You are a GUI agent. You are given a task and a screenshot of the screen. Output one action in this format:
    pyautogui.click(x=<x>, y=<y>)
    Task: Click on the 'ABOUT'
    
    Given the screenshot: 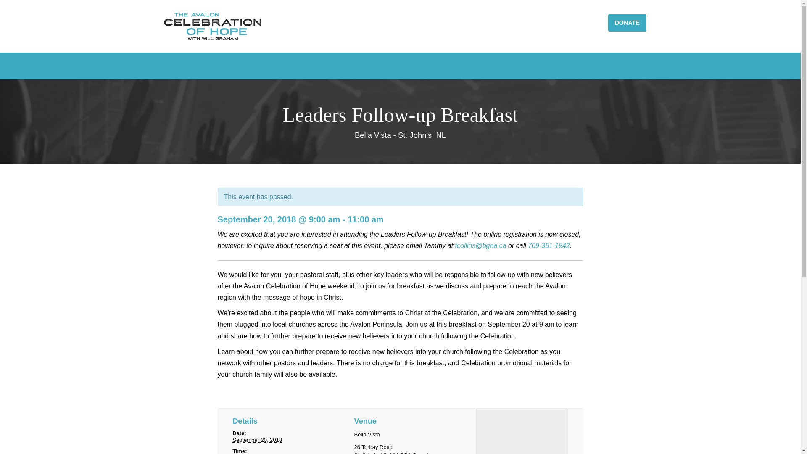 What is the action you would take?
    pyautogui.click(x=299, y=66)
    